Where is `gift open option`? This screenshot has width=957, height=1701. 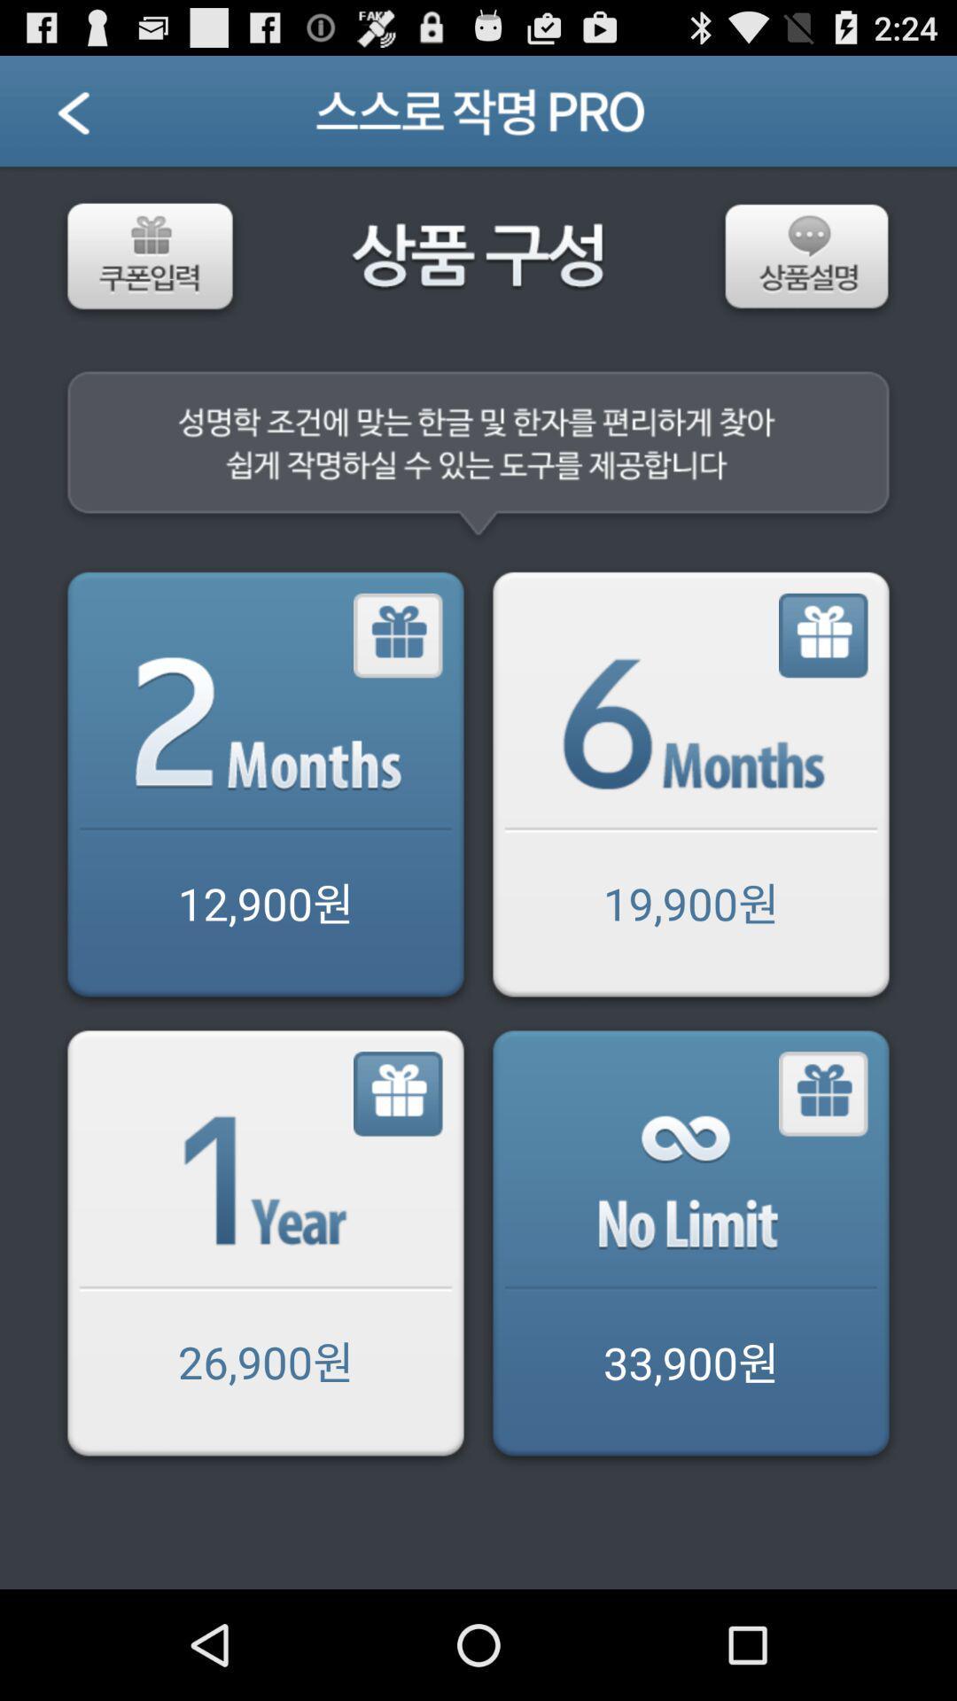
gift open option is located at coordinates (399, 1093).